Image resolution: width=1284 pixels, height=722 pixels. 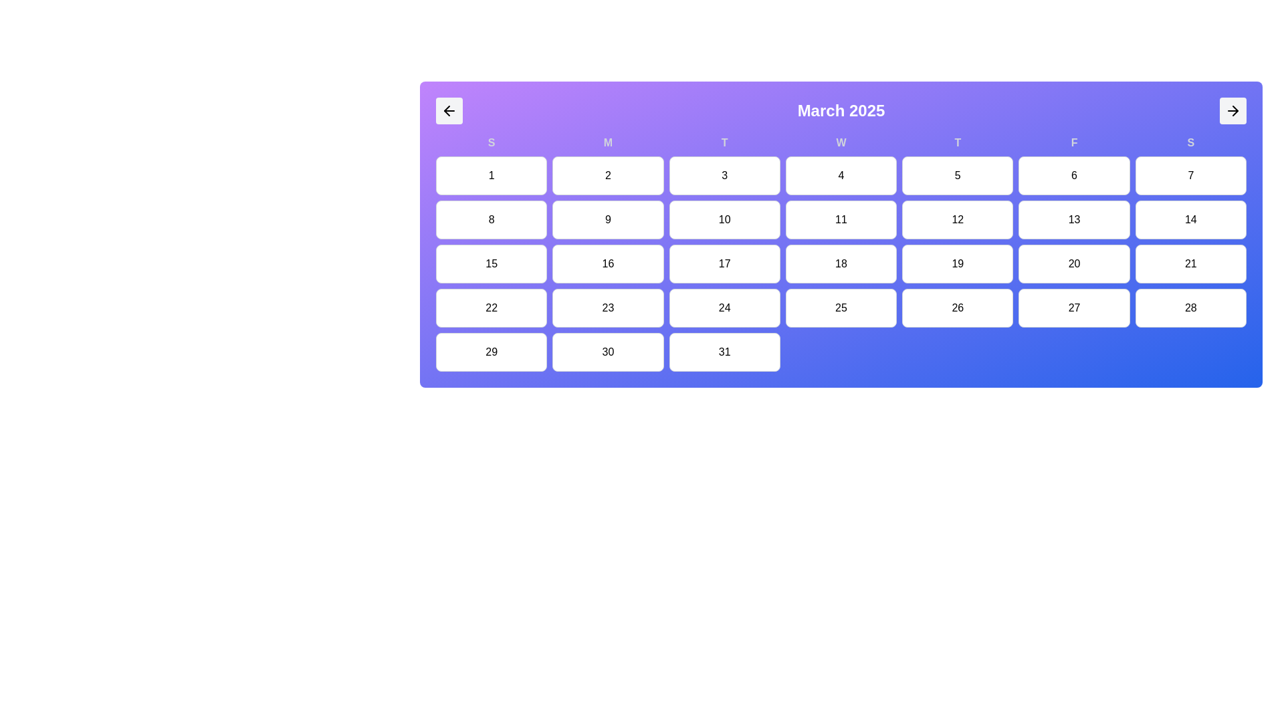 I want to click on the text label displaying 'March 2025' in large, bold, white font, which is centered in the header of the calendar component, so click(x=840, y=110).